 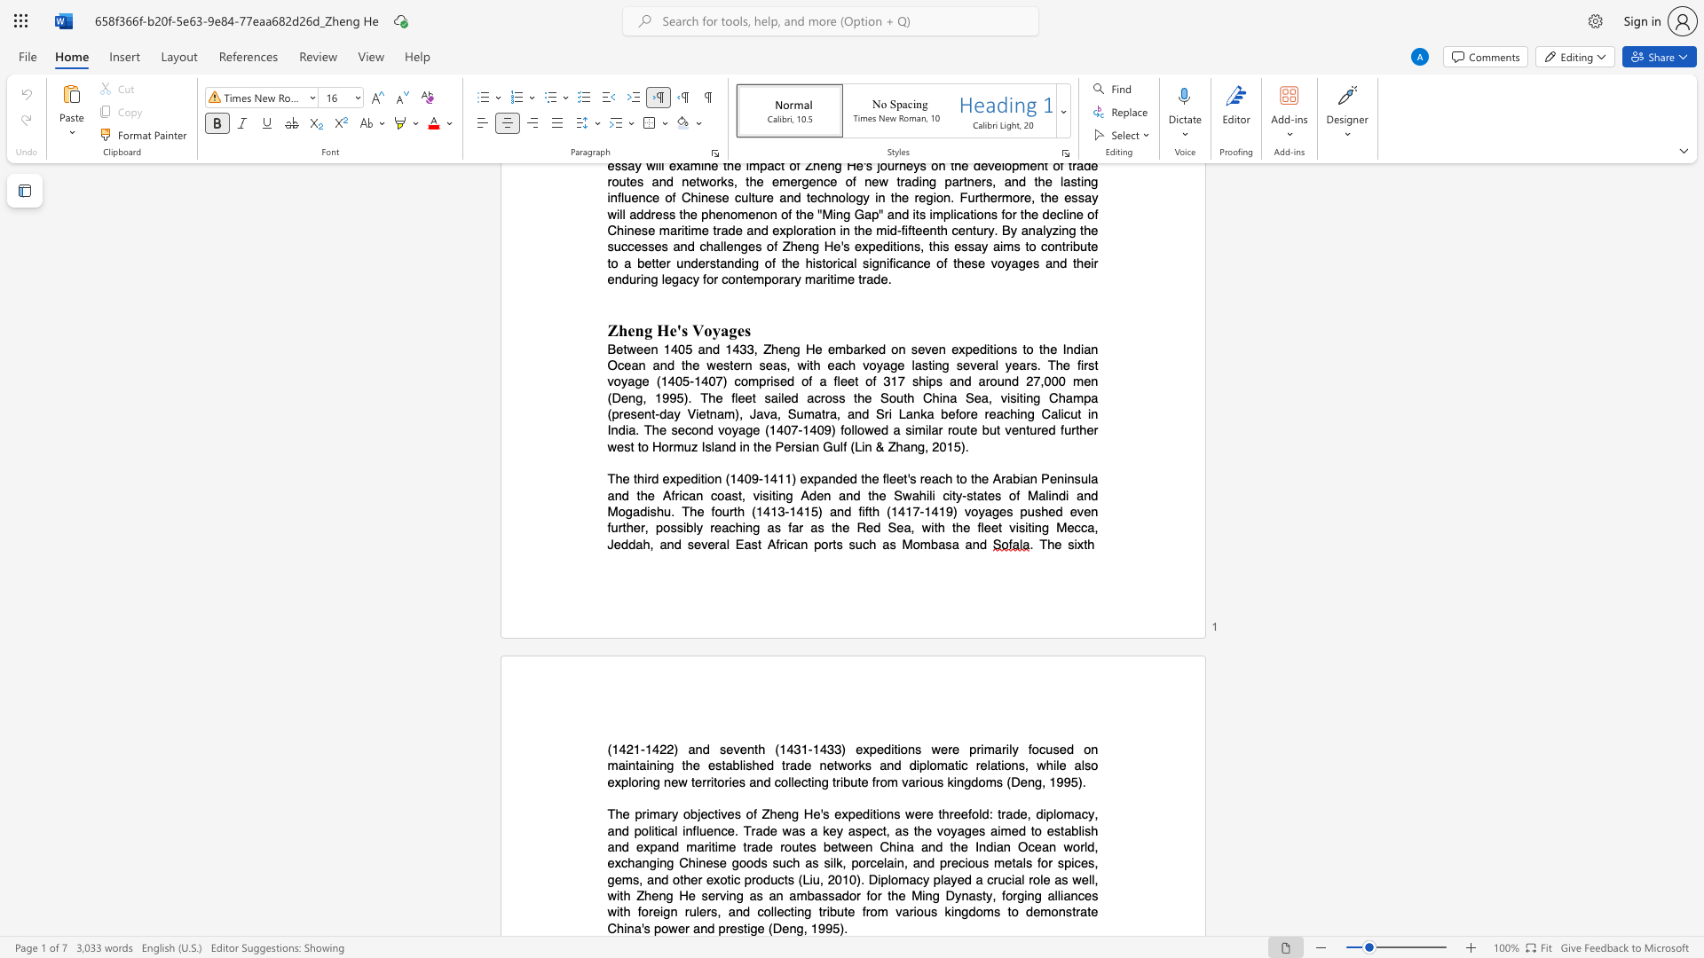 I want to click on the subset text "'s power" within the text "China", so click(x=640, y=927).